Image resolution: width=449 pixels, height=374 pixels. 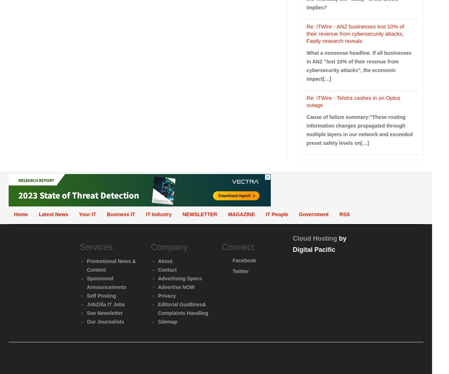 What do you see at coordinates (95, 246) in the screenshot?
I see `'Services'` at bounding box center [95, 246].